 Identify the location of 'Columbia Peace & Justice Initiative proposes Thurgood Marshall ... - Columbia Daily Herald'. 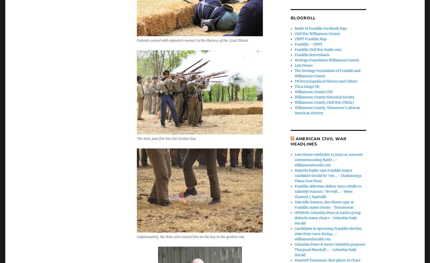
(330, 249).